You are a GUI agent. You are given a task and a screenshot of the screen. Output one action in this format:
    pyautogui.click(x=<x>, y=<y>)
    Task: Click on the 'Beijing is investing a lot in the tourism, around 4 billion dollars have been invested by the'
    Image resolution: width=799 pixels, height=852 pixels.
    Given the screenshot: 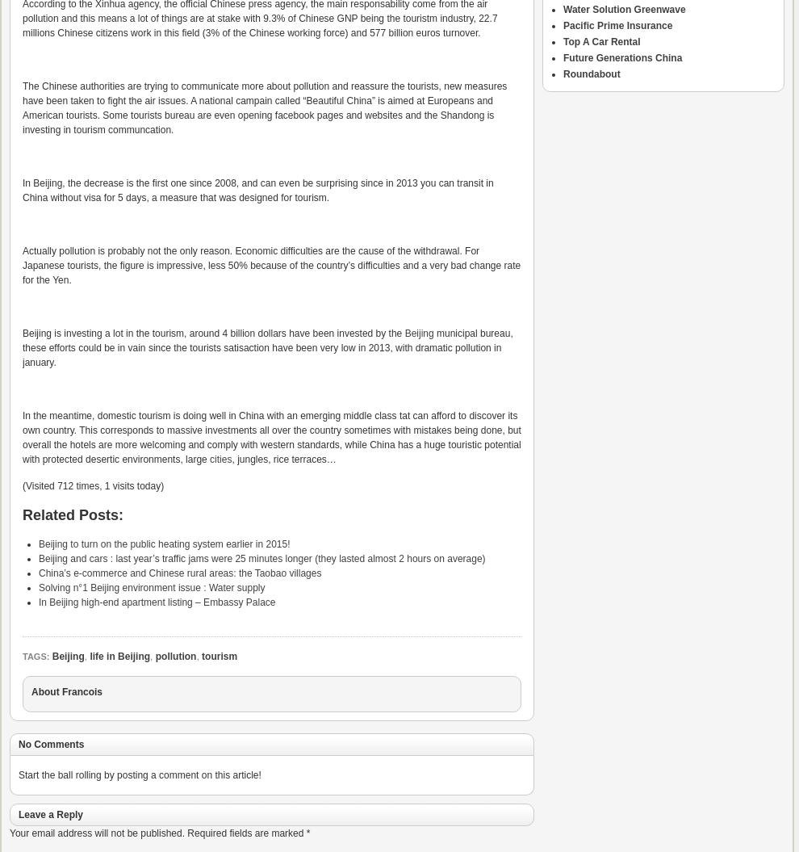 What is the action you would take?
    pyautogui.click(x=213, y=333)
    